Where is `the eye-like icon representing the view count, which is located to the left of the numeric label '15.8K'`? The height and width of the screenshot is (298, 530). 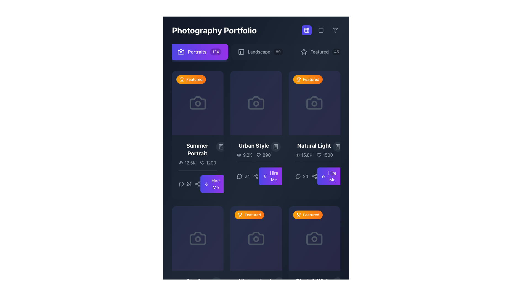
the eye-like icon representing the view count, which is located to the left of the numeric label '15.8K' is located at coordinates (297, 155).